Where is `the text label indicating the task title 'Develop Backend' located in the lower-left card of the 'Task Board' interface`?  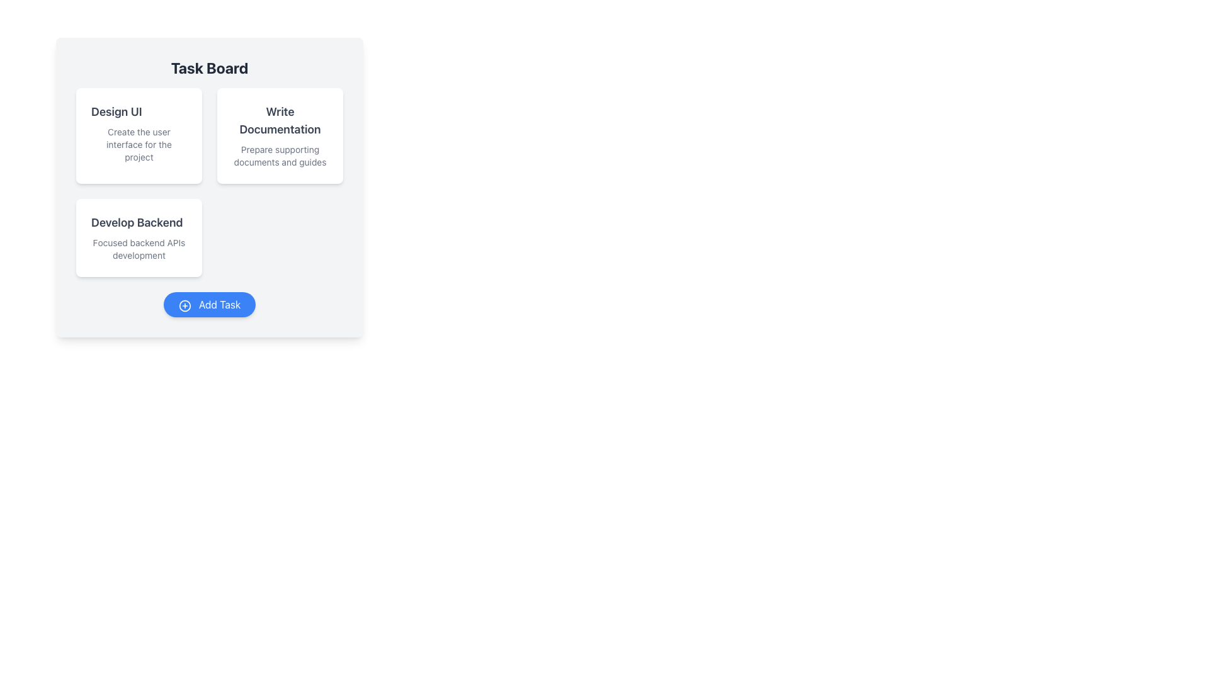
the text label indicating the task title 'Develop Backend' located in the lower-left card of the 'Task Board' interface is located at coordinates (137, 222).